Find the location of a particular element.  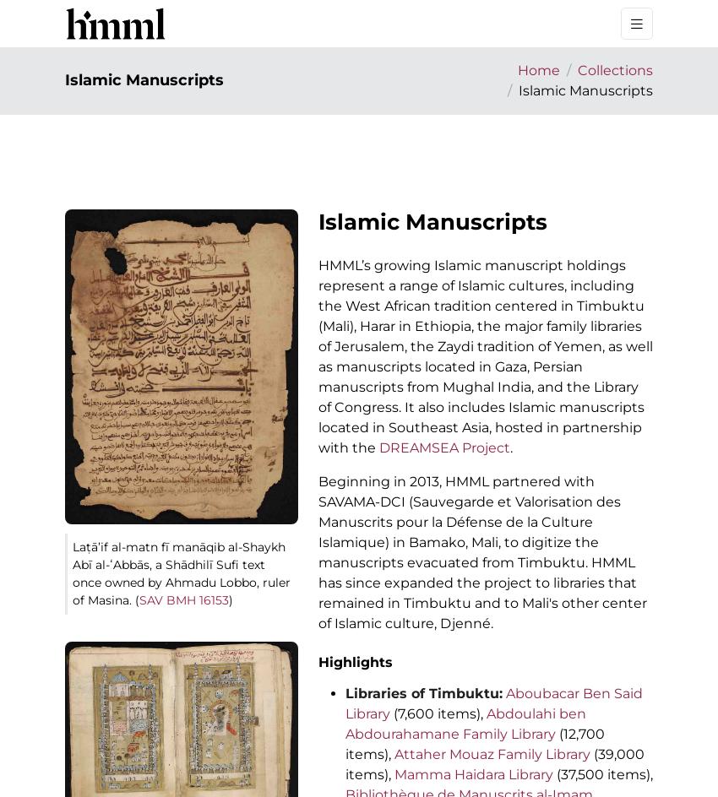

'HMML’s growing Islamic manuscript holdings represent a range of Islamic cultures, including the West African tradition centered in Timbuktu (Mali), Harar in Ethiopia, the major family libraries of Jerusalem, the Zaydi tradition of Yemen, as well as manuscripts located in Gaza, Persian manuscripts from Mughal India, and the Library of Congress. It also includes Islamic manuscripts located in Southeast Asia, hosted in partnership with the' is located at coordinates (486, 355).